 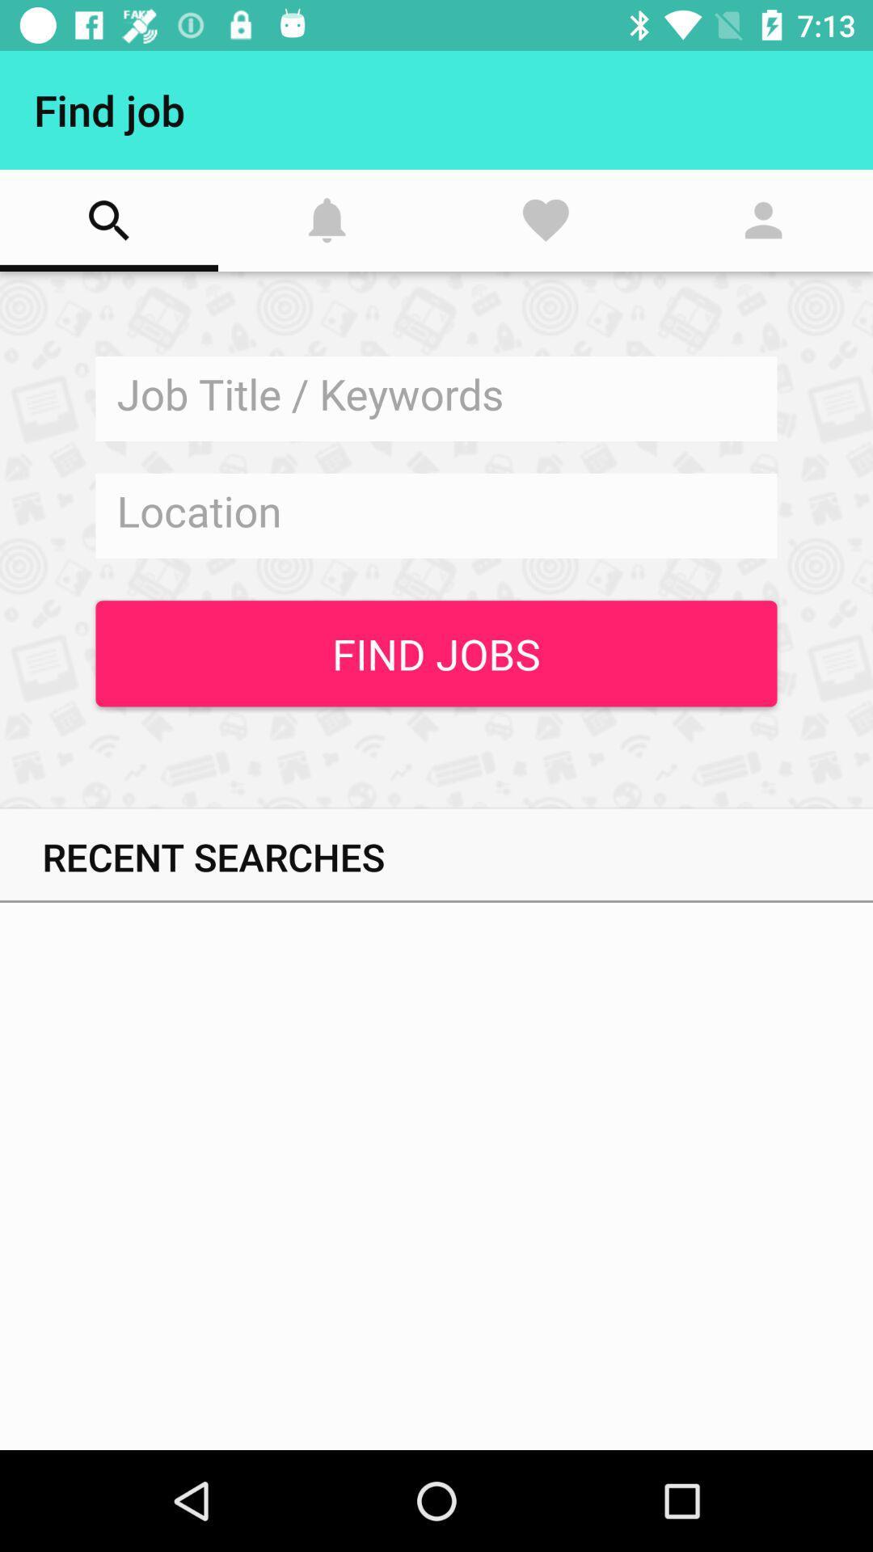 I want to click on job title search field, so click(x=436, y=399).